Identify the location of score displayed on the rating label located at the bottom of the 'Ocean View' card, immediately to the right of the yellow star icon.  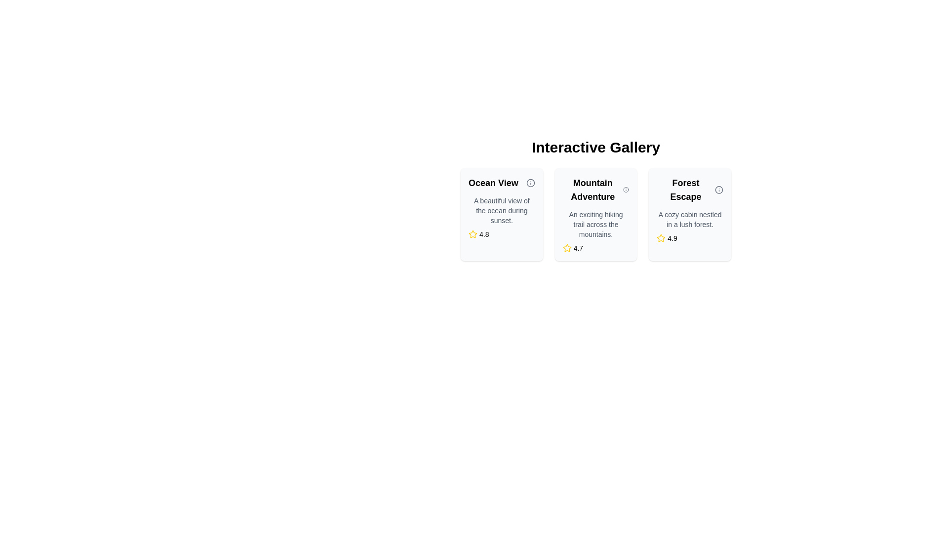
(484, 234).